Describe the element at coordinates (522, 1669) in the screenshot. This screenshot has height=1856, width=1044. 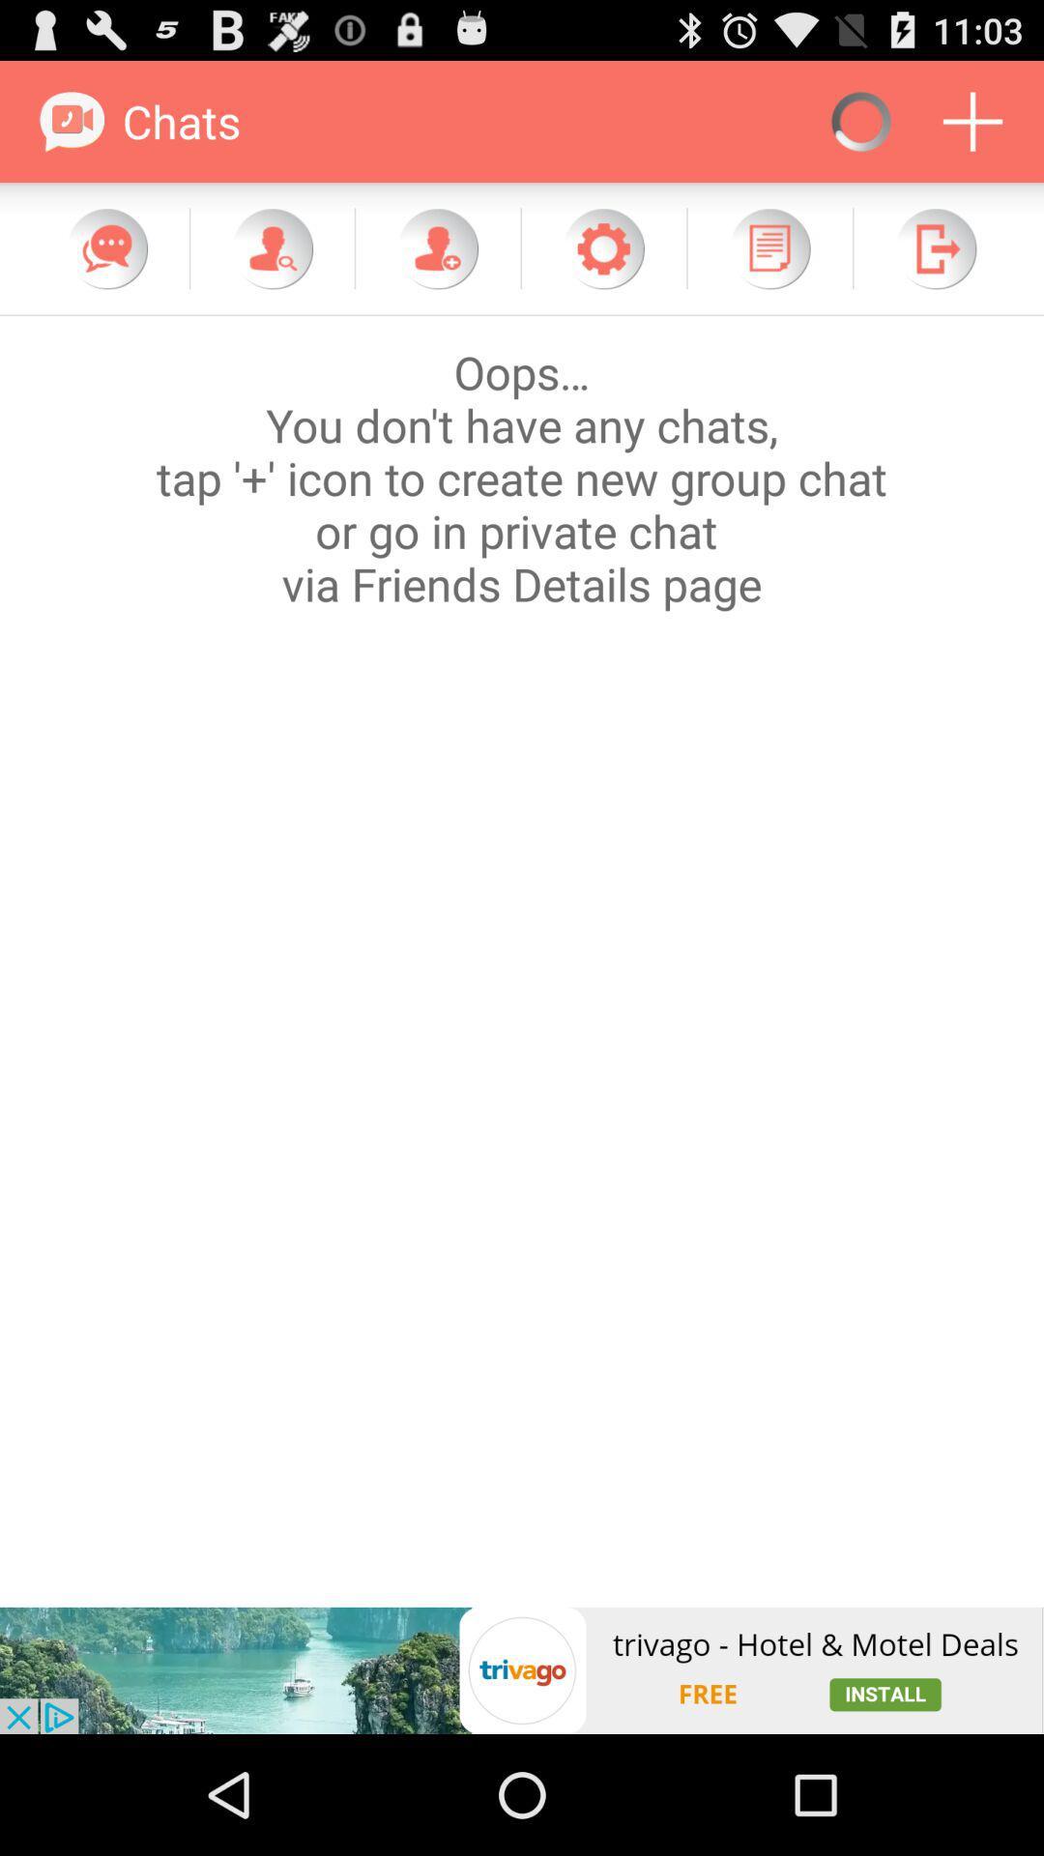
I see `icon at the bottom` at that location.